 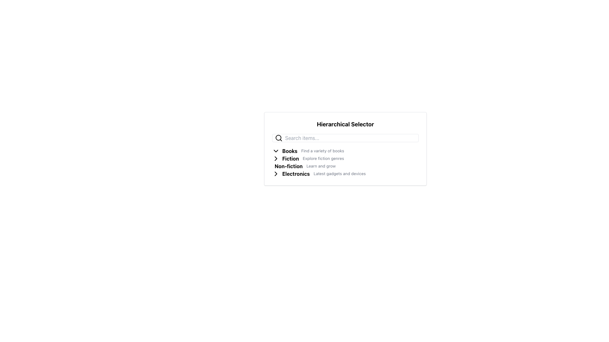 I want to click on the Text Label indicating the category 'Fiction' within the hierarchical list structure under 'Books', so click(x=290, y=158).